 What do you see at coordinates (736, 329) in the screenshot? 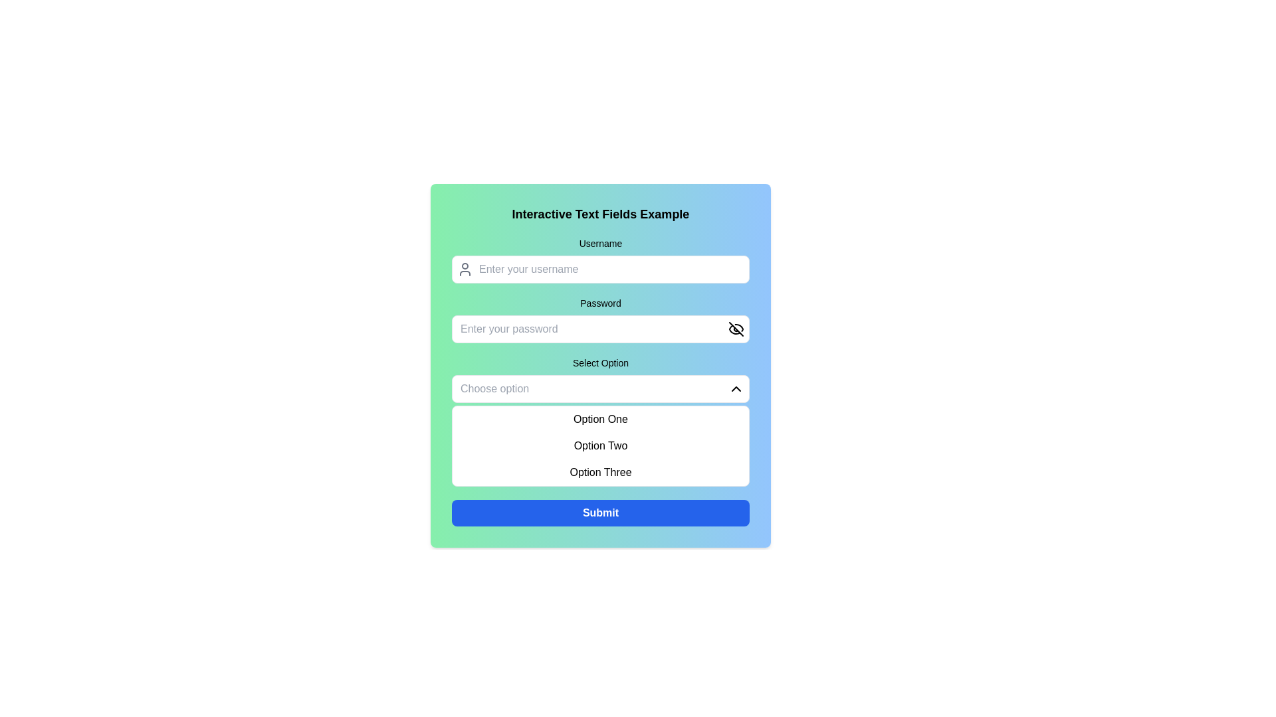
I see `the diagonal line in the eye icon with a strikethrough, located at the right edge of the password field area` at bounding box center [736, 329].